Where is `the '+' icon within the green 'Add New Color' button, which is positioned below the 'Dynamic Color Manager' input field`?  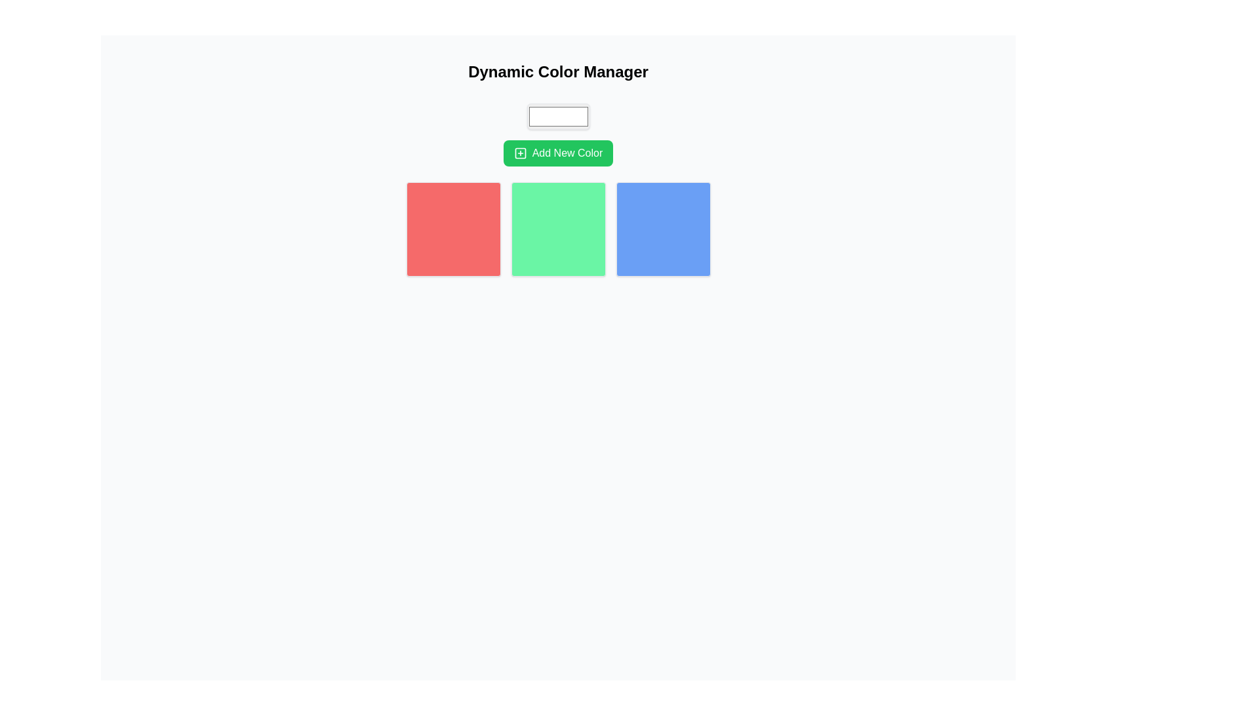
the '+' icon within the green 'Add New Color' button, which is positioned below the 'Dynamic Color Manager' input field is located at coordinates (519, 153).